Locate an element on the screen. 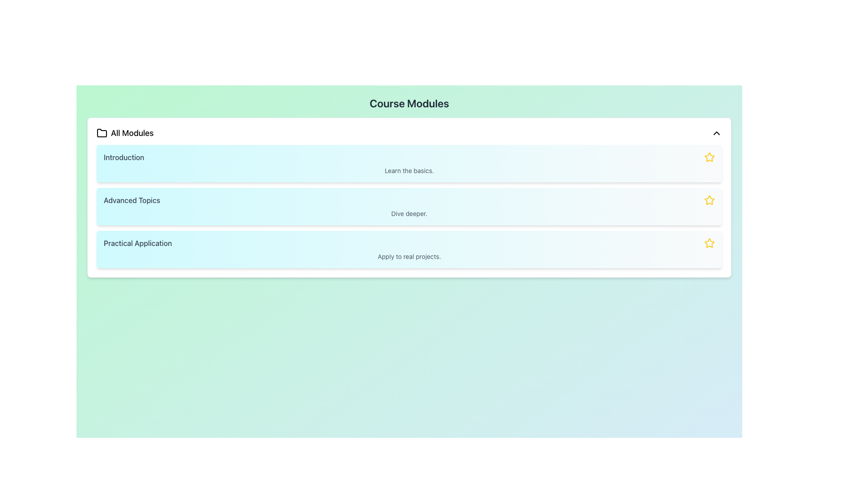 The height and width of the screenshot is (483, 859). the yellow outlined star icon located to the right of the 'Advanced Topics' text is located at coordinates (709, 199).